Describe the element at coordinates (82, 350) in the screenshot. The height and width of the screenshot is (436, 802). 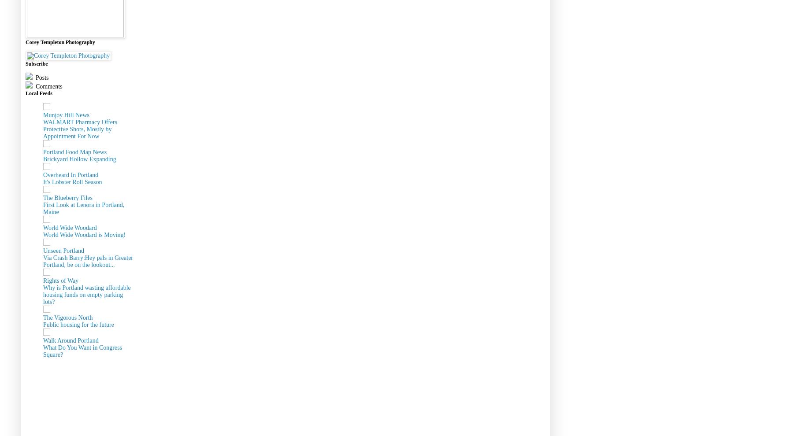
I see `'What Do You Want in Congress Square?'` at that location.